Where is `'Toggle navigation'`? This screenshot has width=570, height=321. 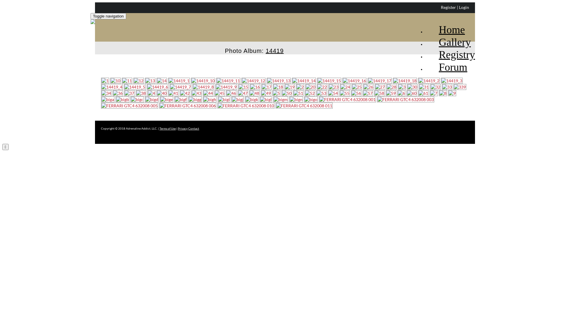 'Toggle navigation' is located at coordinates (108, 16).